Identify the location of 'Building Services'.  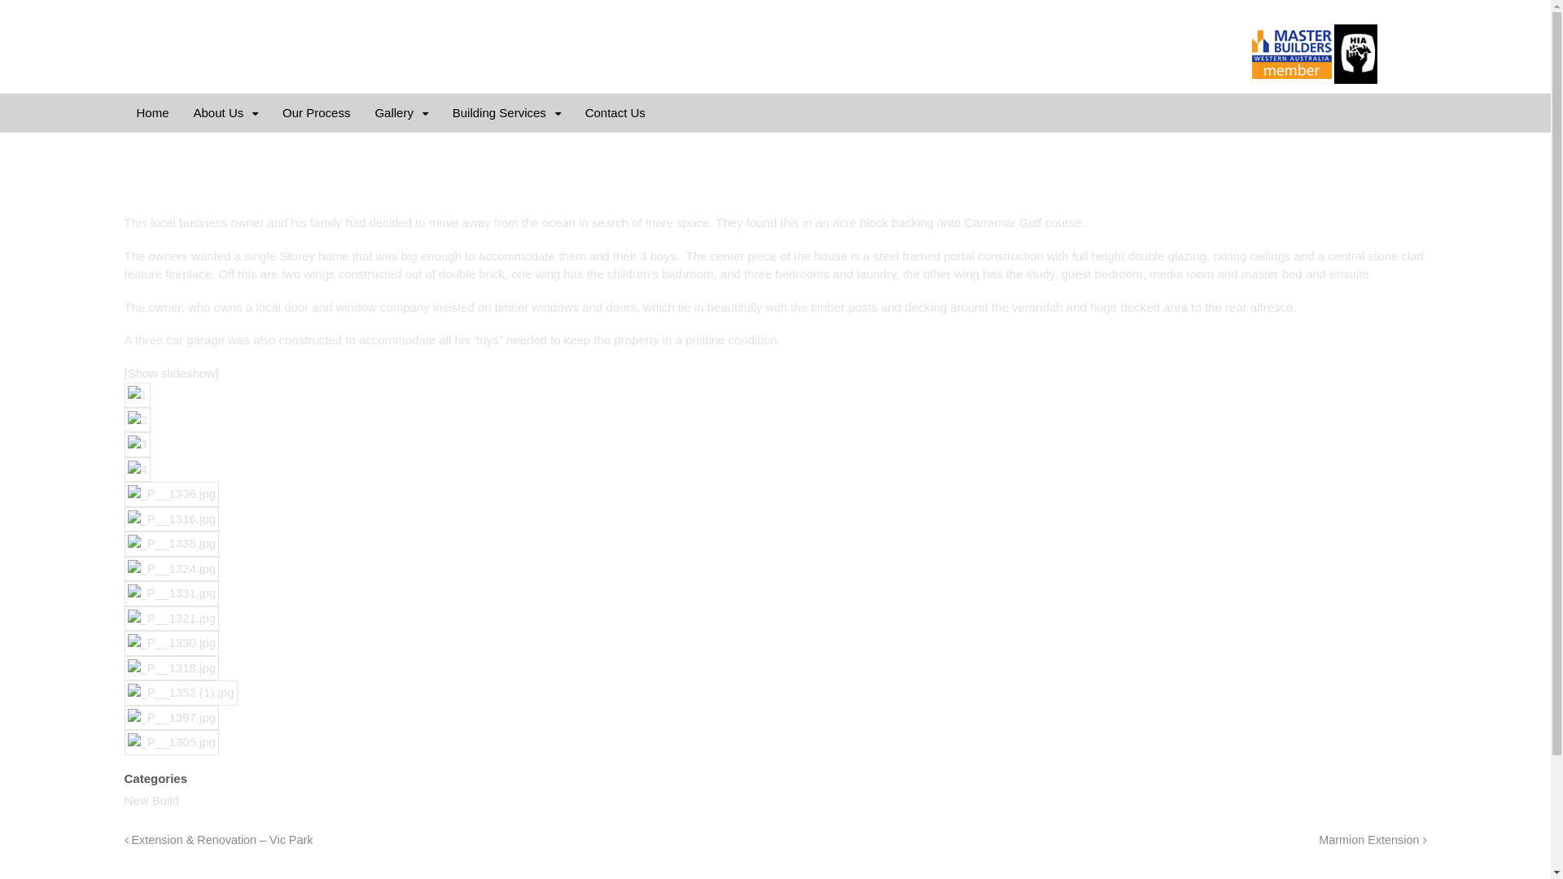
(506, 112).